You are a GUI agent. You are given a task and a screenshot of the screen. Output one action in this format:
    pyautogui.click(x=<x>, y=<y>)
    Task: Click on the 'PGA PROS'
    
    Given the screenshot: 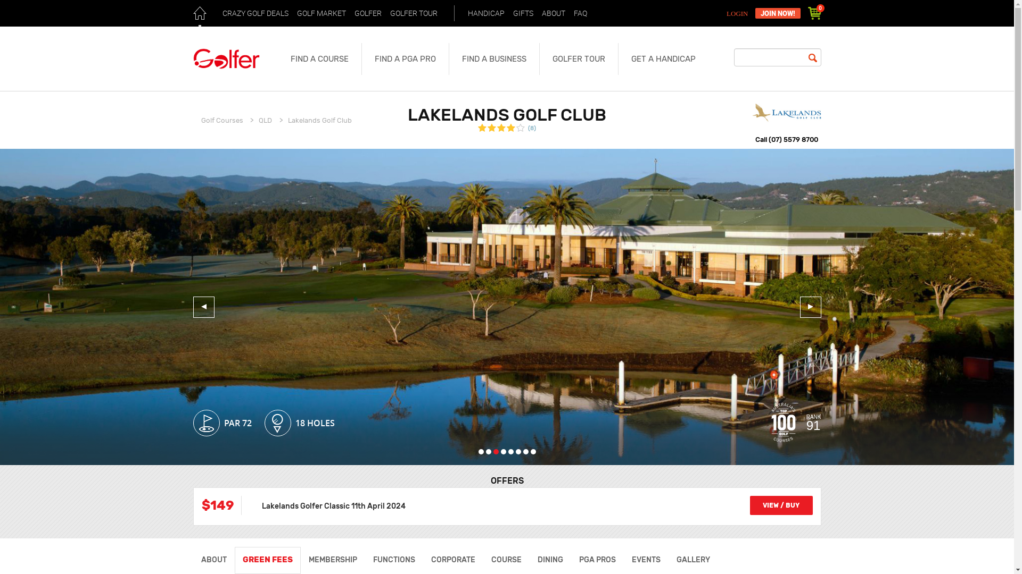 What is the action you would take?
    pyautogui.click(x=597, y=559)
    